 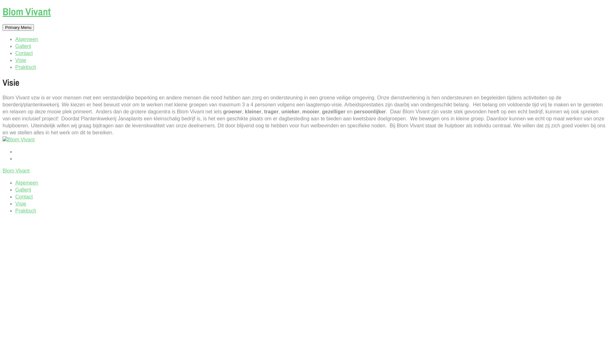 I want to click on 'Gallerij', so click(x=23, y=189).